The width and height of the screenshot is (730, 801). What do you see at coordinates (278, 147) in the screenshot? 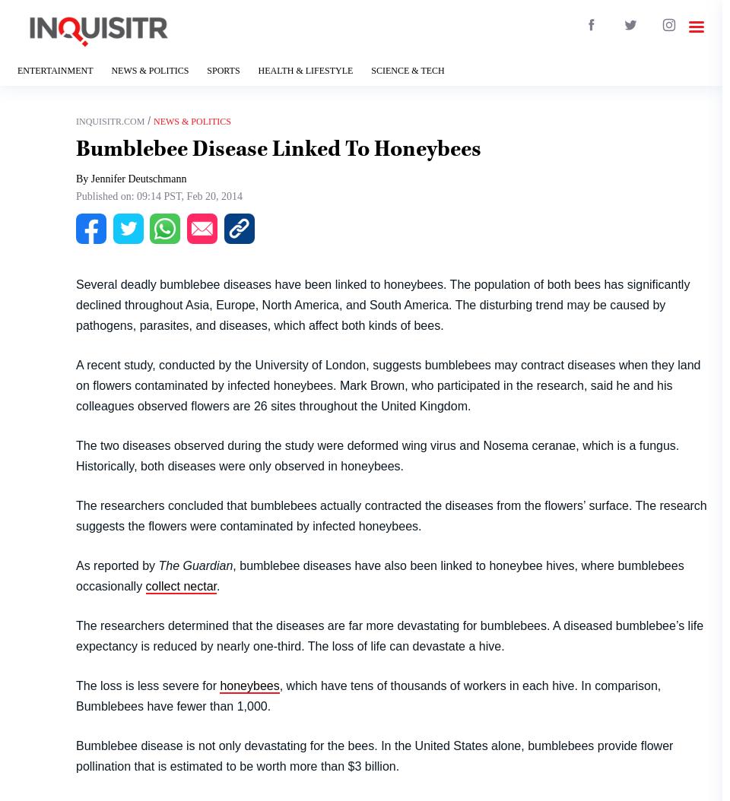
I see `'Bumblebee Disease Linked To Honeybees'` at bounding box center [278, 147].